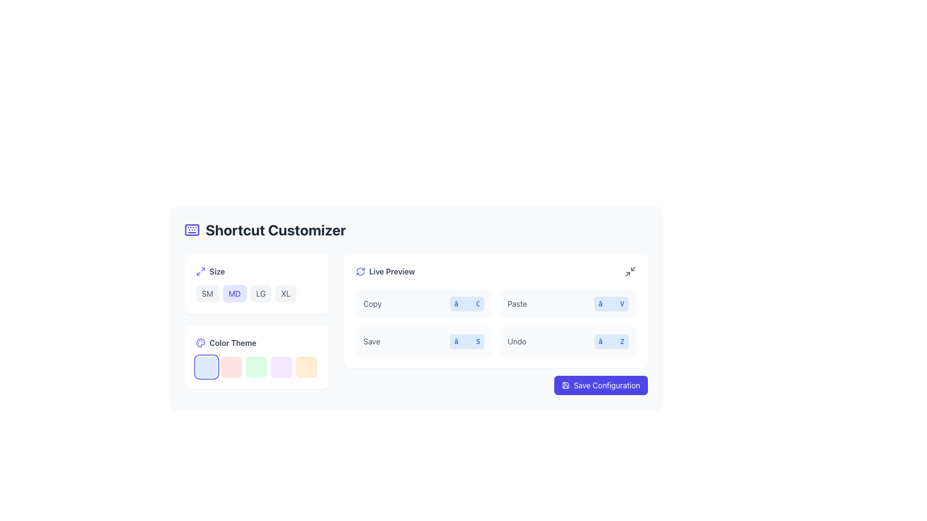 The width and height of the screenshot is (927, 521). I want to click on the icon button located in the top-right corner of the 'Live Preview' section, which features two intersecting arrows and changes color on hover, so click(630, 272).